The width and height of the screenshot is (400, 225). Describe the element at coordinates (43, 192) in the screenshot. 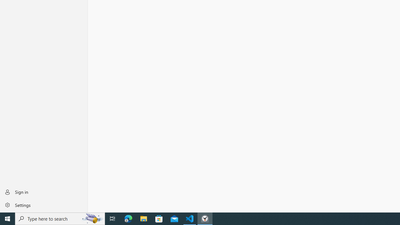

I see `'Sign in'` at that location.